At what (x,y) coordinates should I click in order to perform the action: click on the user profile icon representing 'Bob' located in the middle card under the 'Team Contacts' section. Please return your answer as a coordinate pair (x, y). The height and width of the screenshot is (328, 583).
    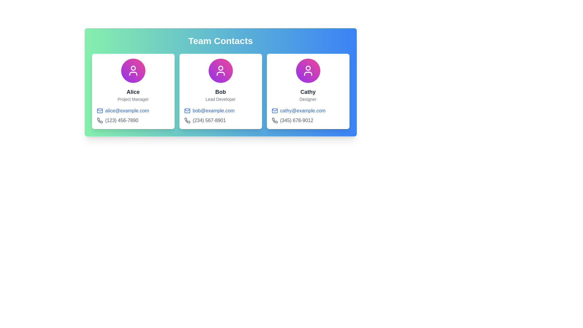
    Looking at the image, I should click on (220, 70).